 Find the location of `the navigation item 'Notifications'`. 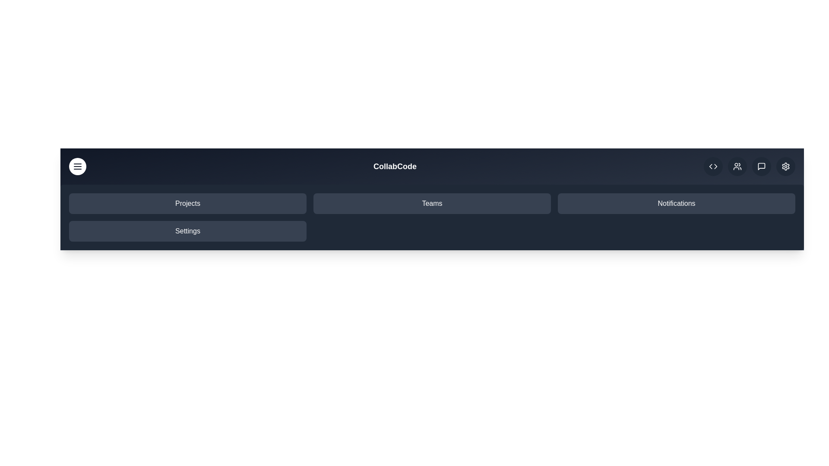

the navigation item 'Notifications' is located at coordinates (676, 203).